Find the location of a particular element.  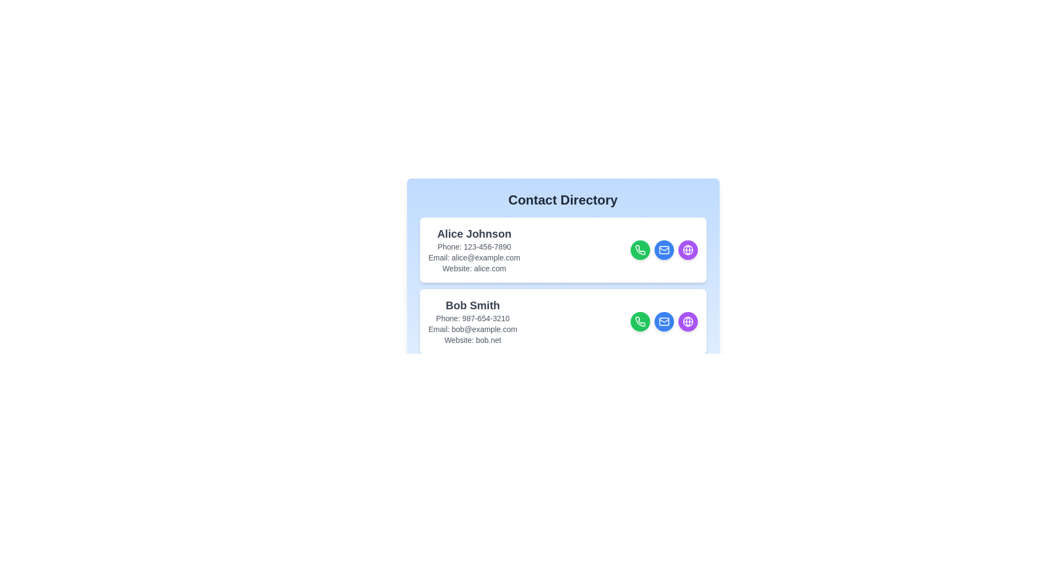

the text 'Website' within the contact card of 'Bob Smith' is located at coordinates (472, 340).